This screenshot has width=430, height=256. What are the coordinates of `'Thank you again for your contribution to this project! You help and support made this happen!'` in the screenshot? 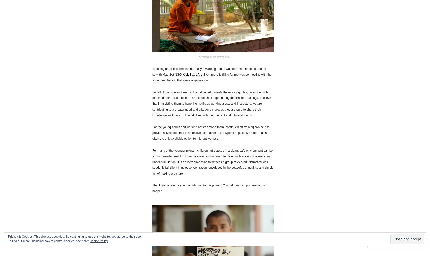 It's located at (152, 188).